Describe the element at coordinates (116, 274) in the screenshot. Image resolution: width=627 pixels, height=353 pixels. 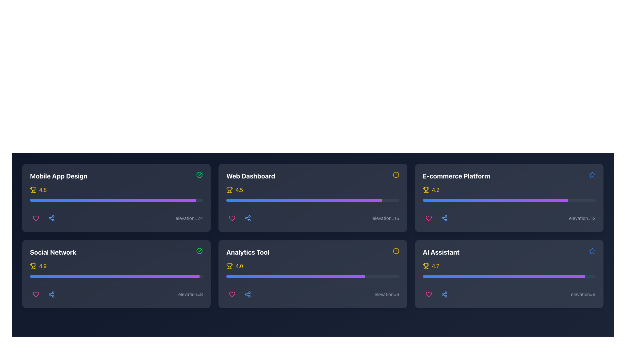
I see `the 'Social Network' card, which is the fourth card in the grid layout` at that location.